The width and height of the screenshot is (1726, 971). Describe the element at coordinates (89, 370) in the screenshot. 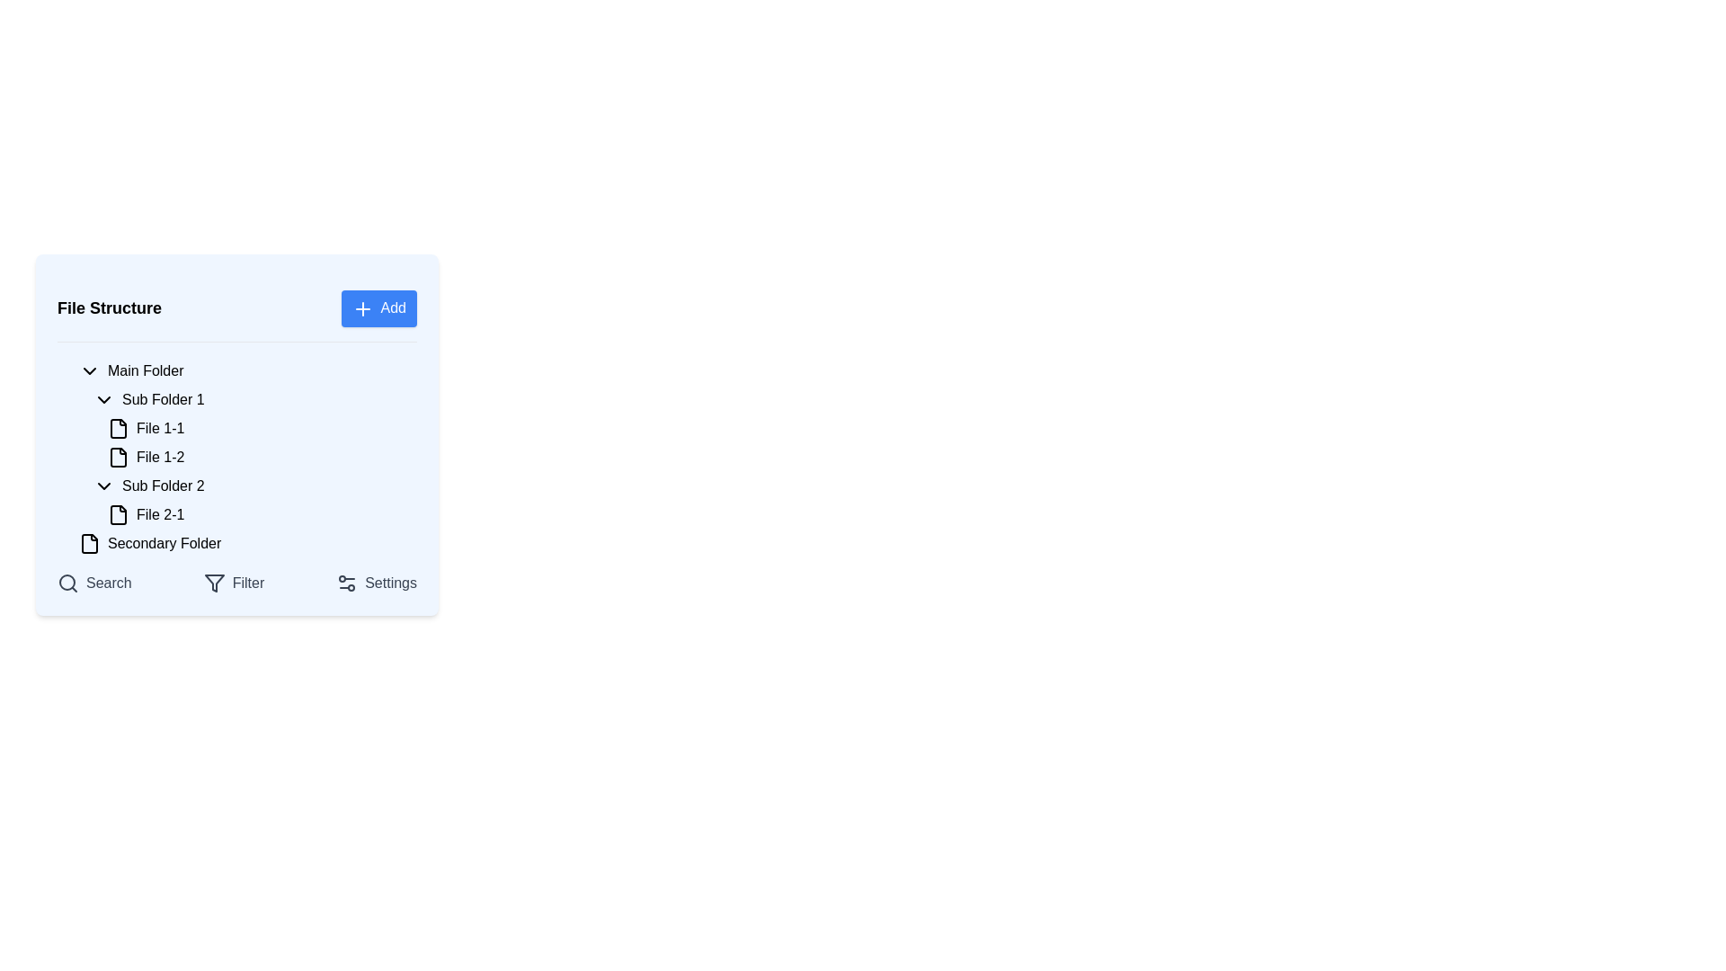

I see `the small downward-facing chevron icon located to the left of the 'Main Folder' text` at that location.